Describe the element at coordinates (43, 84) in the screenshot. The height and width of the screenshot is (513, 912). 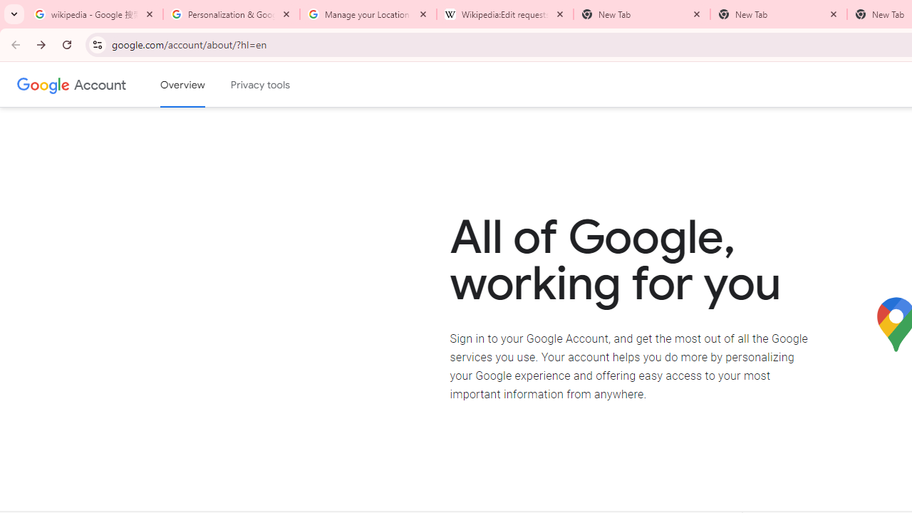
I see `'Google logo'` at that location.